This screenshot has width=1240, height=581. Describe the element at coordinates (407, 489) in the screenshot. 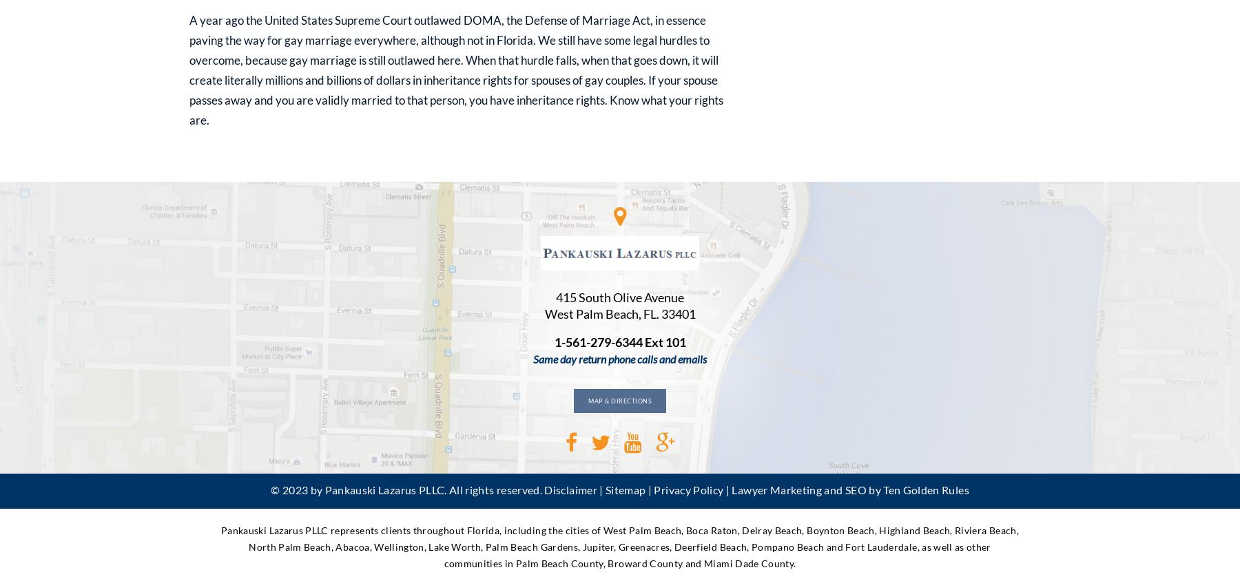

I see `'© 2023 by Pankauski Lazarus PLLC. All rights reserved.'` at that location.